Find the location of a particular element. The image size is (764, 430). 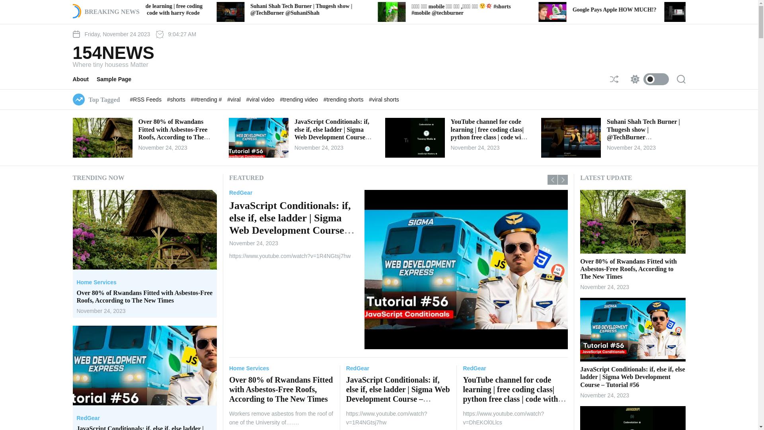

'Search' is located at coordinates (680, 79).